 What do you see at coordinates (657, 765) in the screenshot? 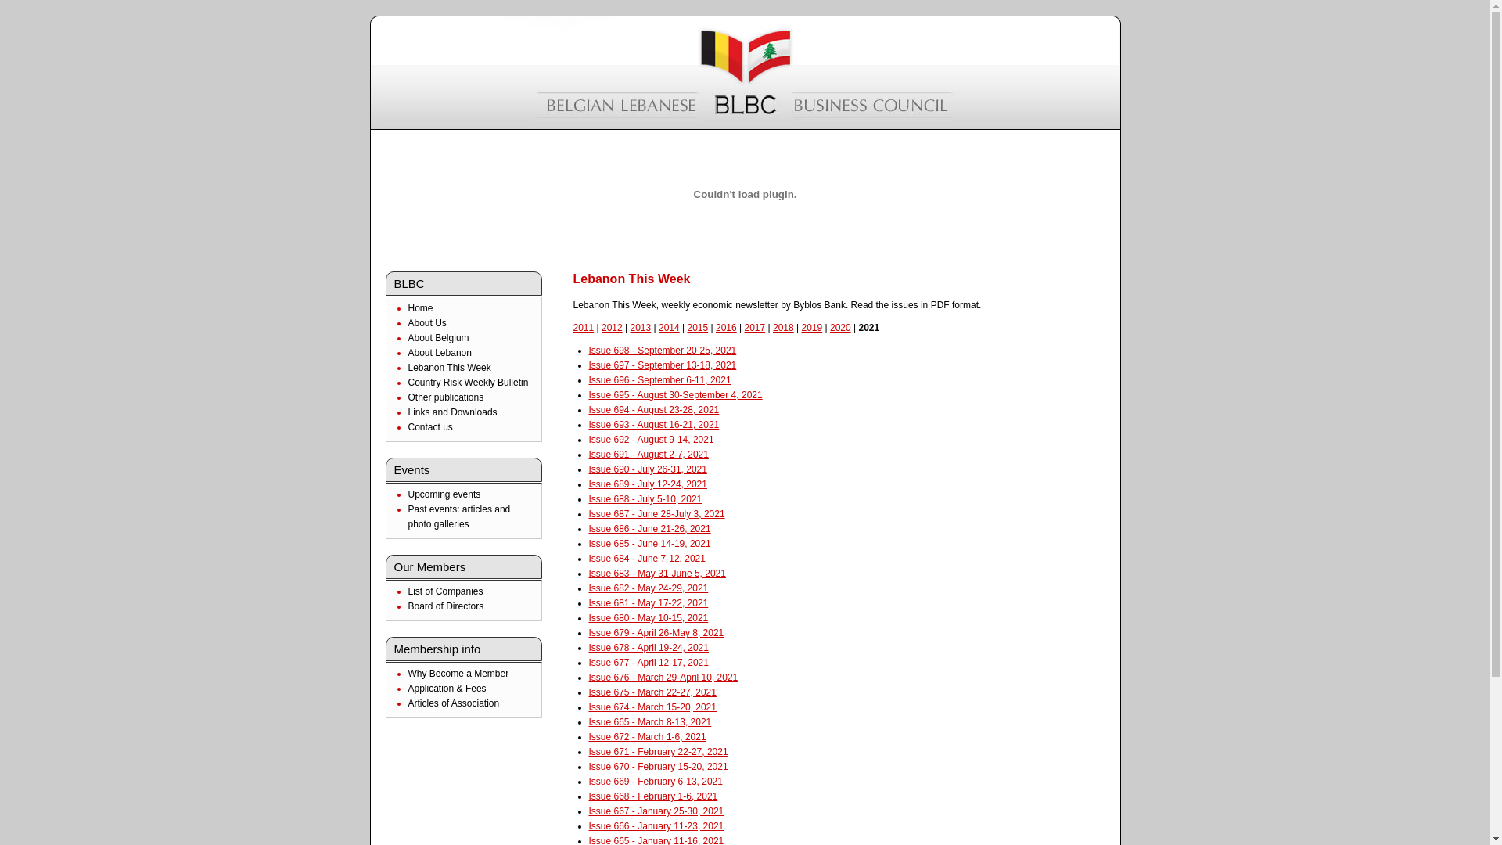
I see `'Issue 670 - February 15-20, 2021'` at bounding box center [657, 765].